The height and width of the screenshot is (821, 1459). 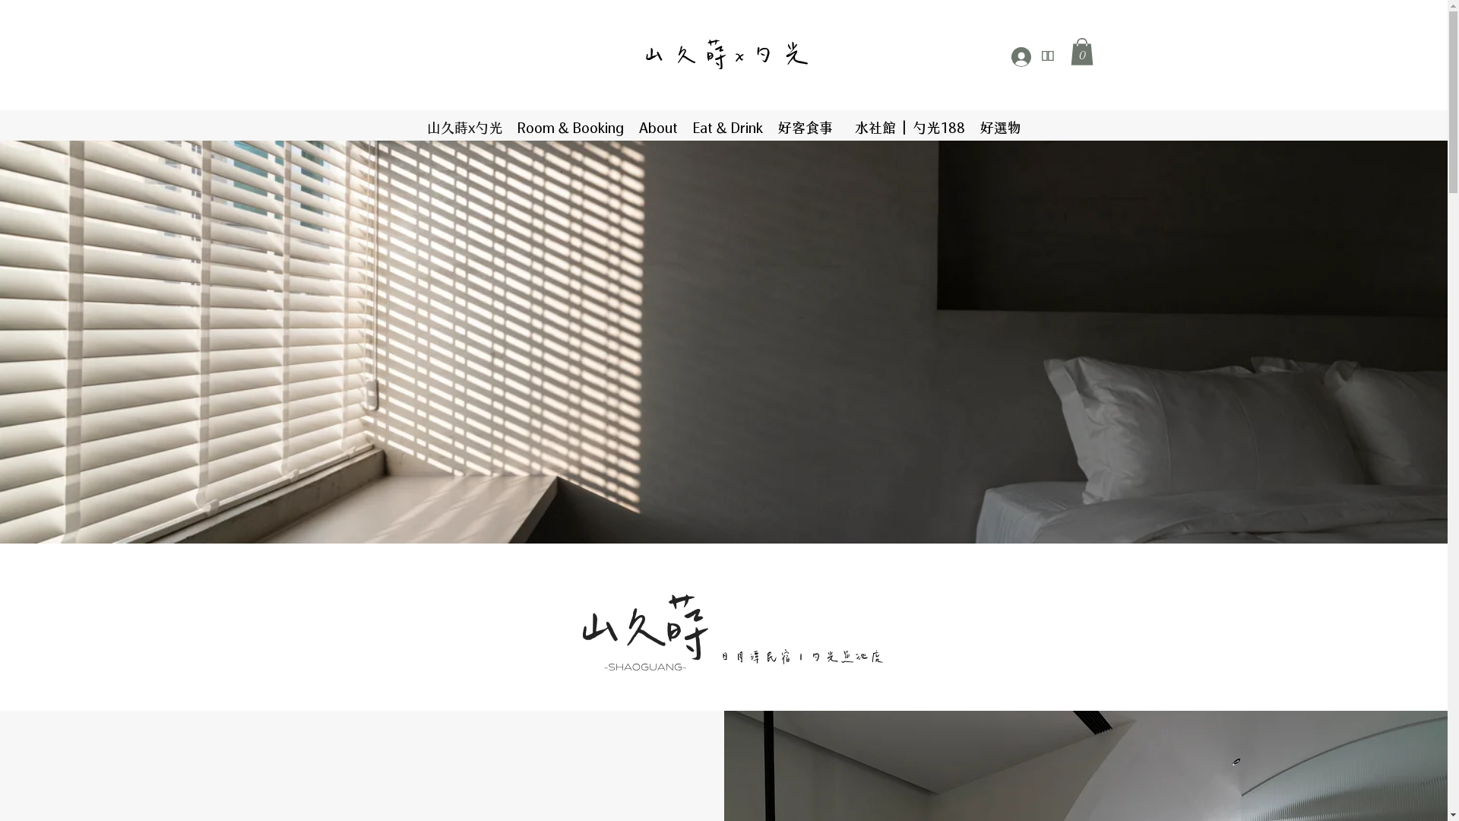 What do you see at coordinates (657, 125) in the screenshot?
I see `'About'` at bounding box center [657, 125].